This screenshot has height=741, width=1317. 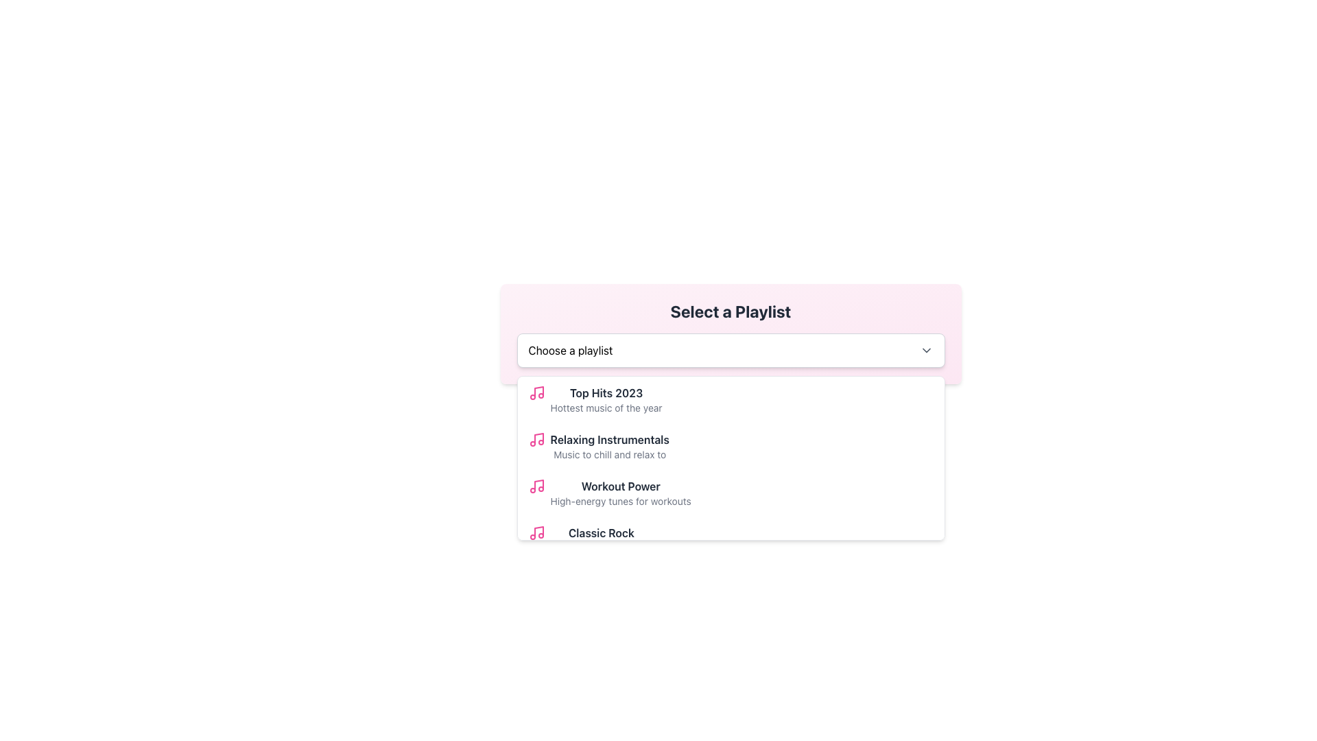 What do you see at coordinates (605, 399) in the screenshot?
I see `the 'Top Hits 2023' list item in the dropdown menu` at bounding box center [605, 399].